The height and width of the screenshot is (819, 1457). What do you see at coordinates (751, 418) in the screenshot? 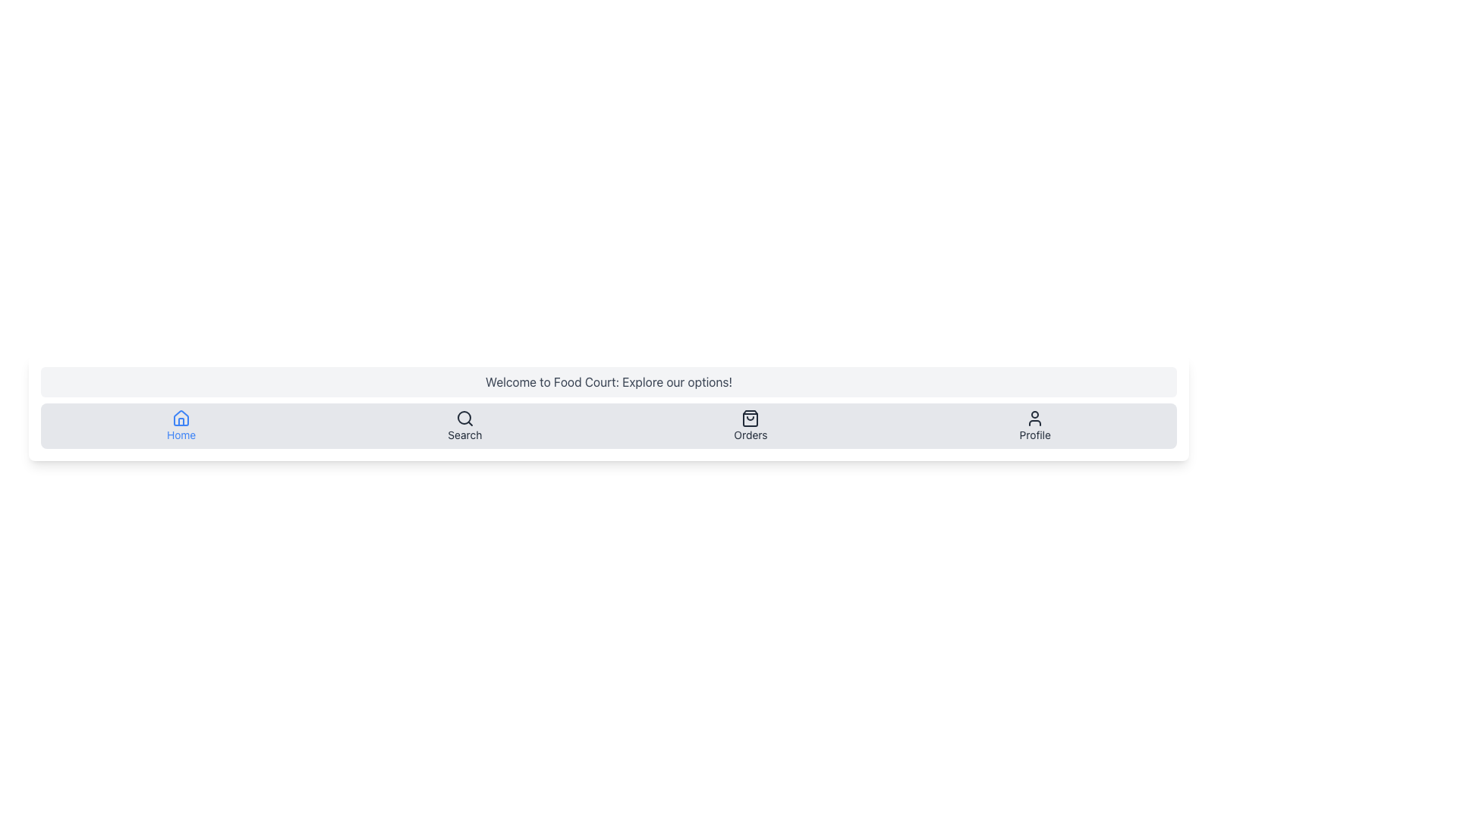
I see `the shopping bag icon in the 'Orders' section of the bottom navigation bar, which is the third item from the left, depicted in a minimalist, outlined style` at bounding box center [751, 418].